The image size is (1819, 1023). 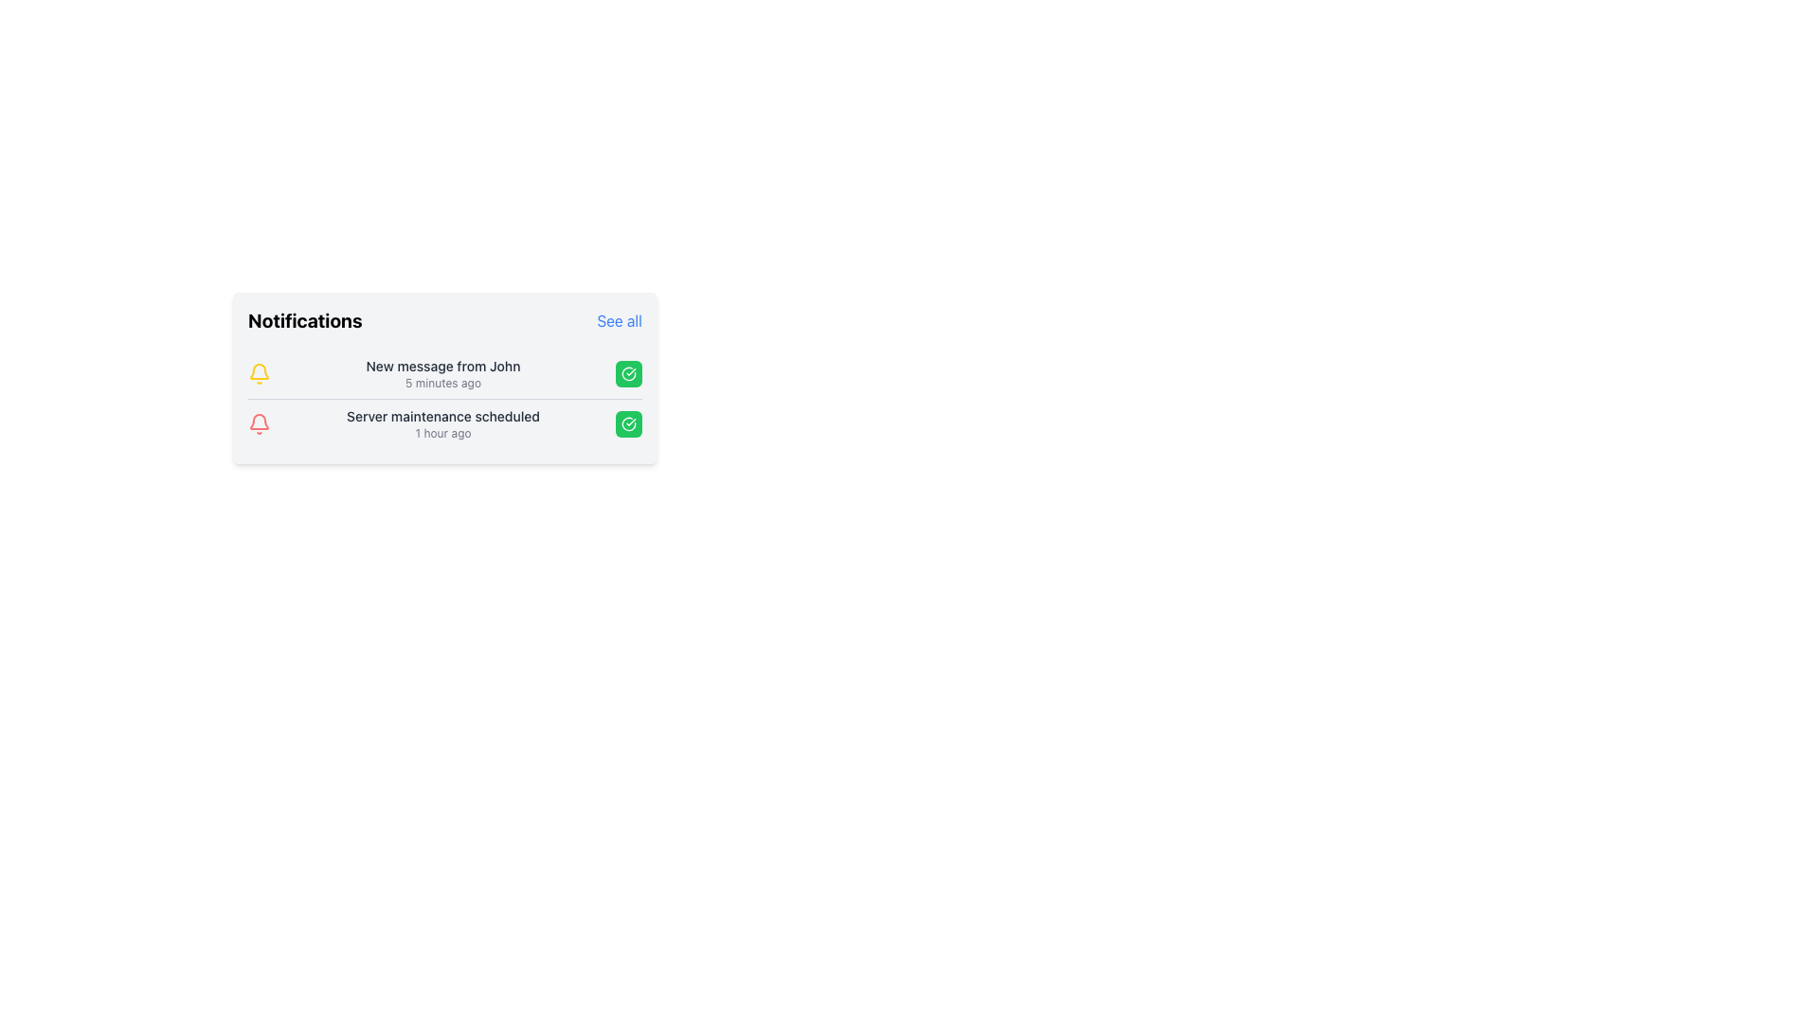 I want to click on the green button with a check-circle icon located on the right side of the 'Server maintenance scheduled' notification to acknowledge or confirm, so click(x=628, y=422).